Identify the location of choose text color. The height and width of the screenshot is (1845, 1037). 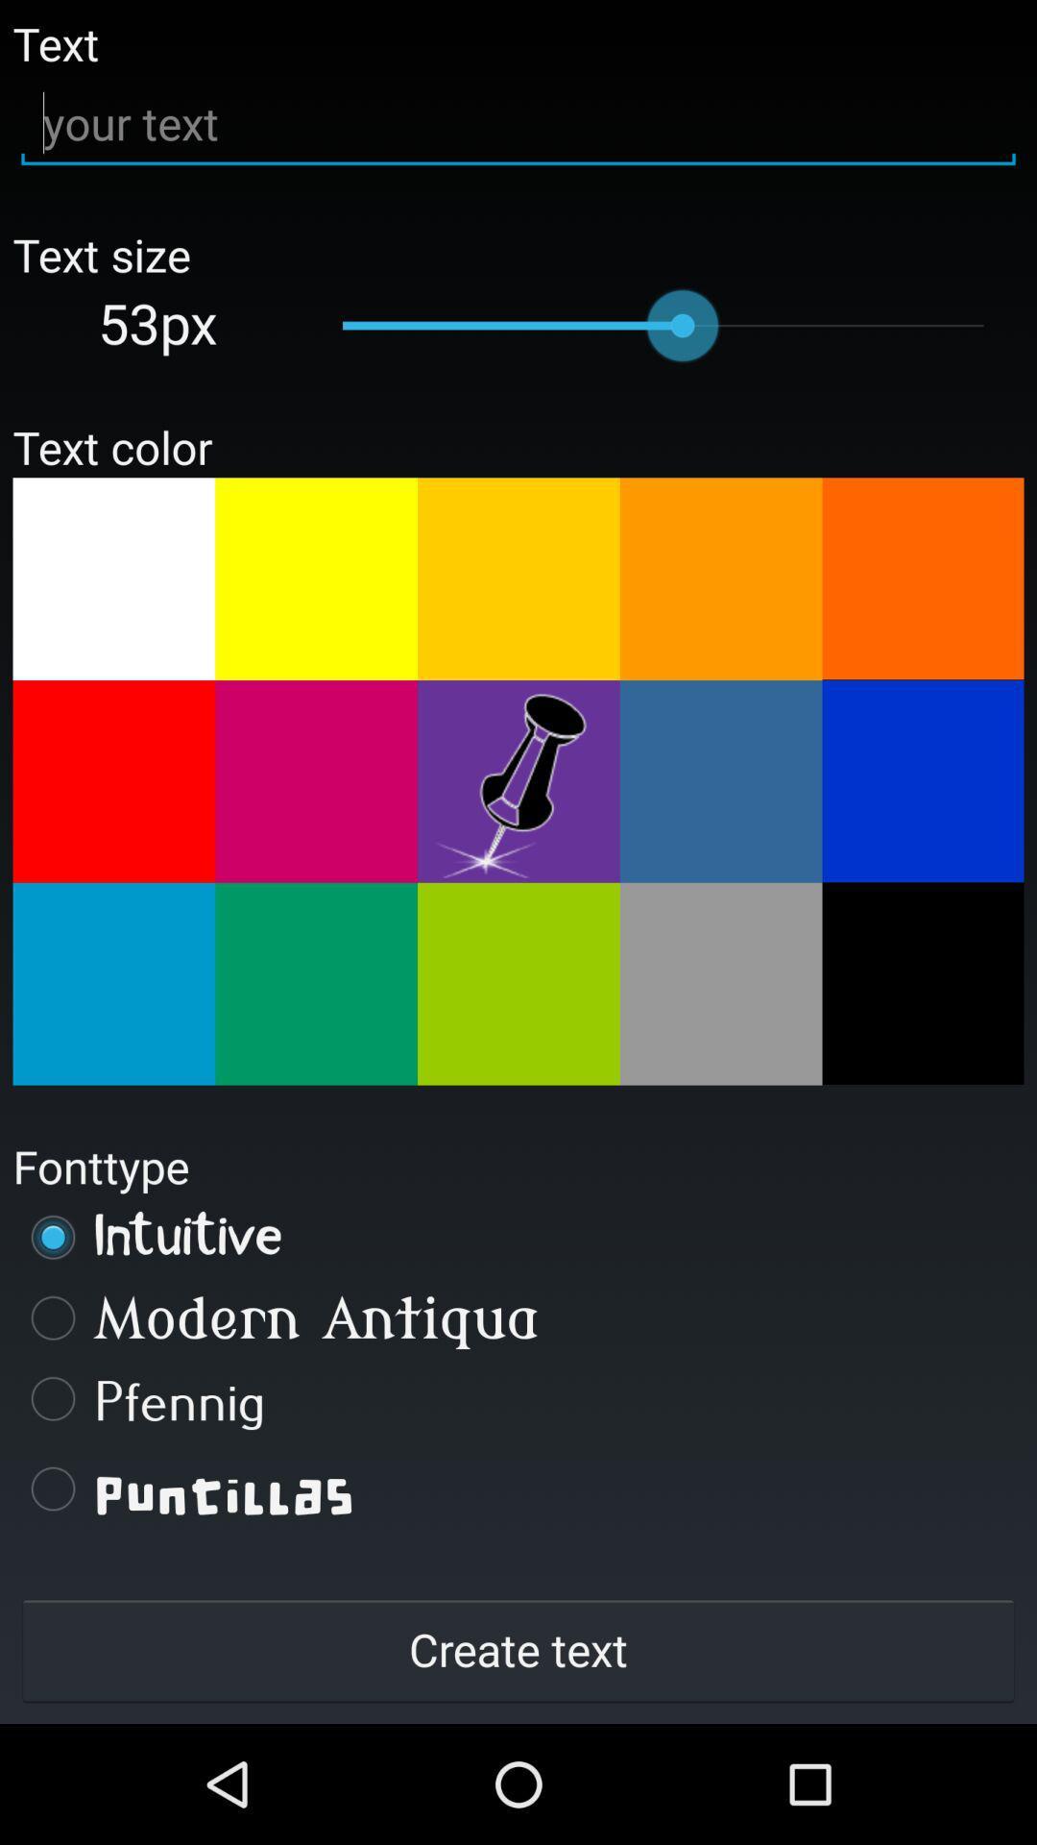
(113, 578).